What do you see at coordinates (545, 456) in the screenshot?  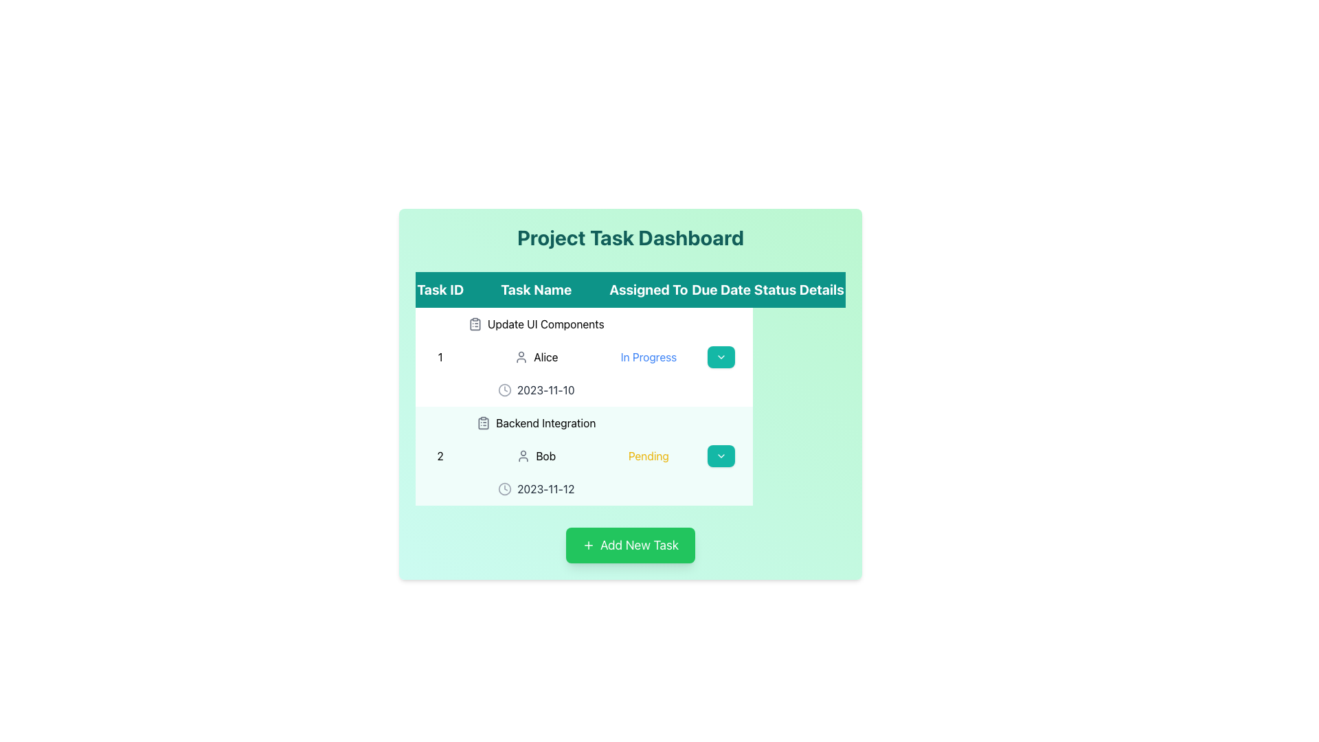 I see `the text label displaying 'Bob' in the 'Assigned To' column of the 'Backend Integration' task entry, which is styled in bold and dark font and located to the right of a user icon` at bounding box center [545, 456].